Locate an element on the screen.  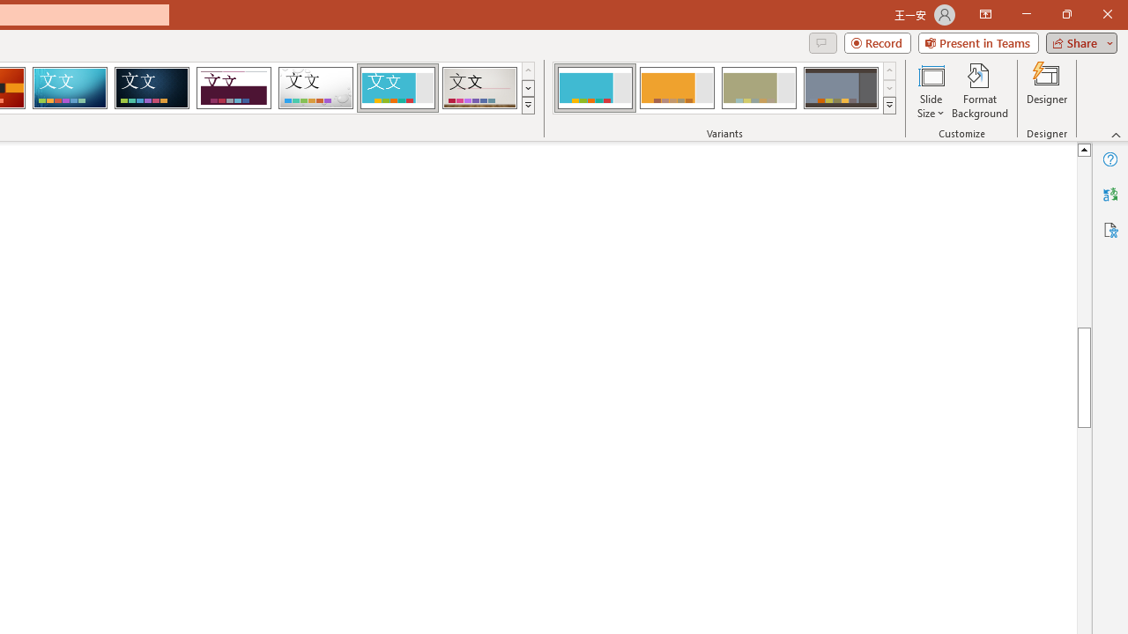
'Slide Size' is located at coordinates (930, 91).